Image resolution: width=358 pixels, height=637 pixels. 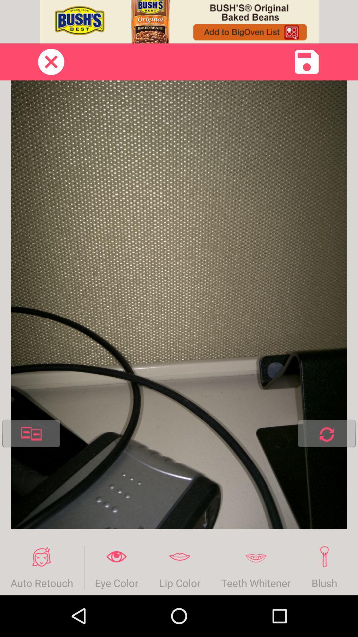 I want to click on the item to the right of lip color icon, so click(x=256, y=568).